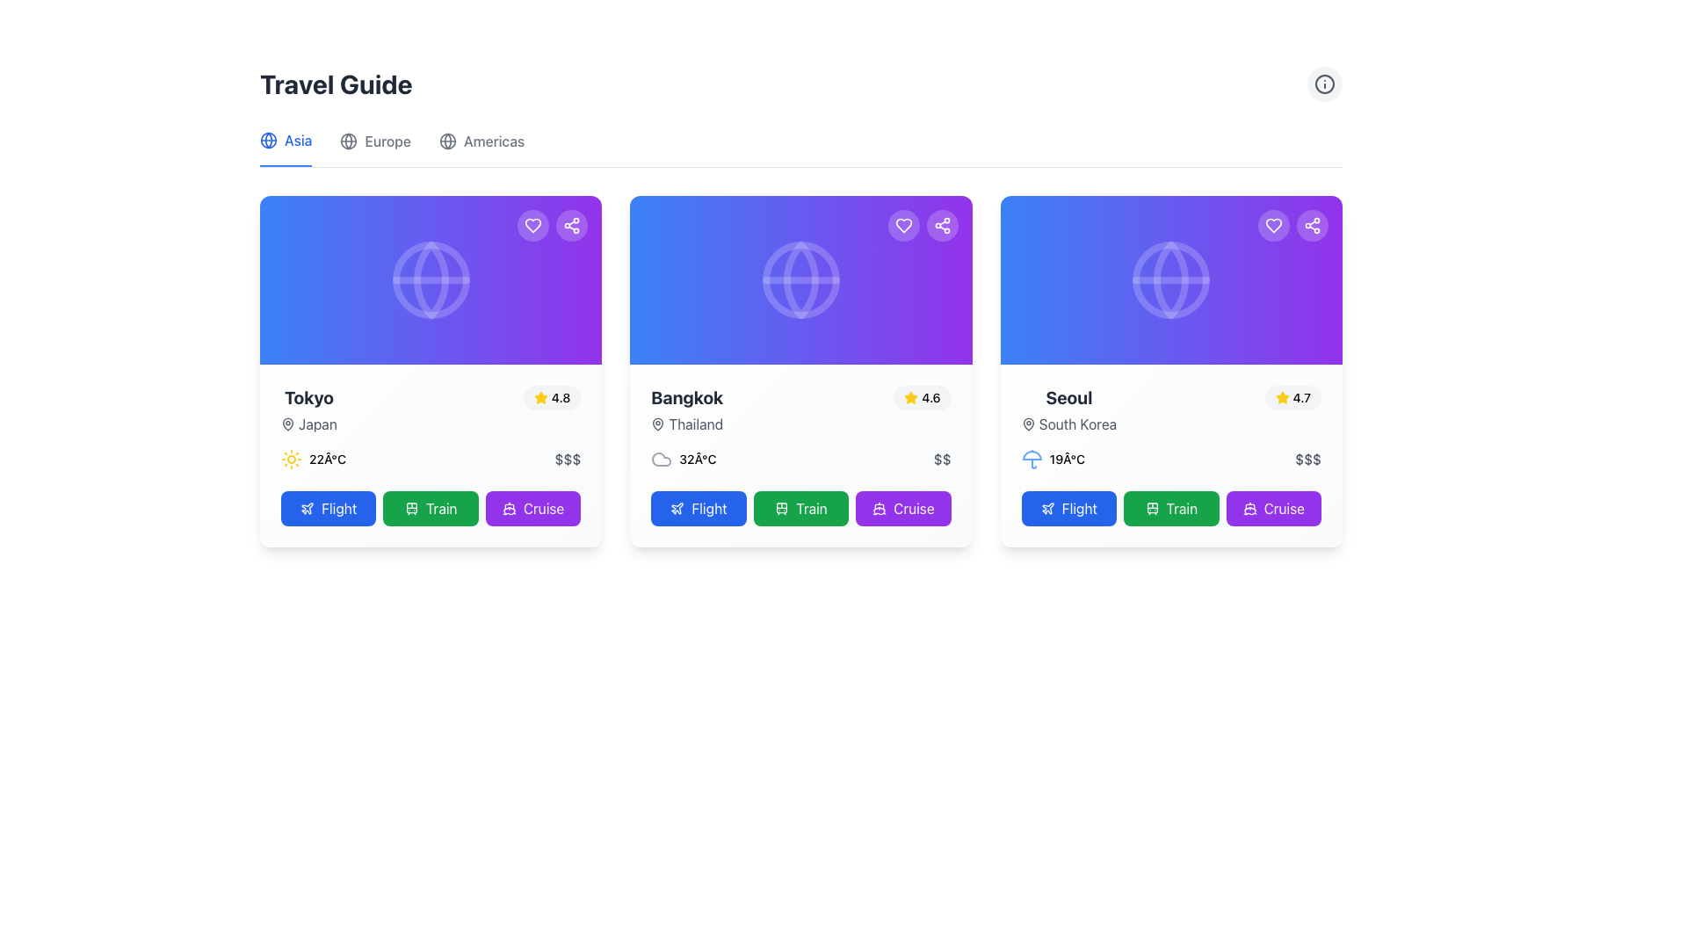 The width and height of the screenshot is (1687, 949). I want to click on the interactive control located centrally between the like and share buttons in the upper-right corner of the Tokyo card, so click(552, 225).